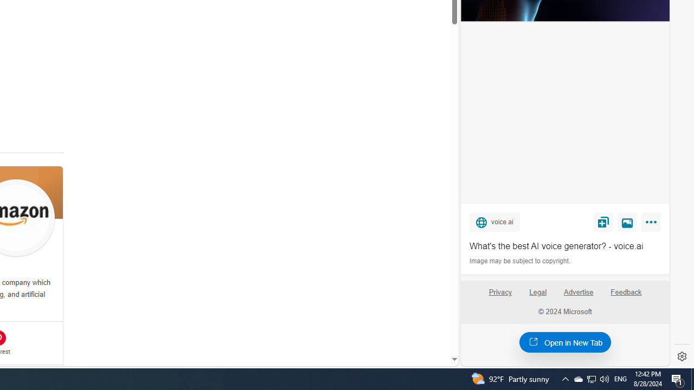 The width and height of the screenshot is (694, 390). What do you see at coordinates (692, 378) in the screenshot?
I see `'Show desktop'` at bounding box center [692, 378].